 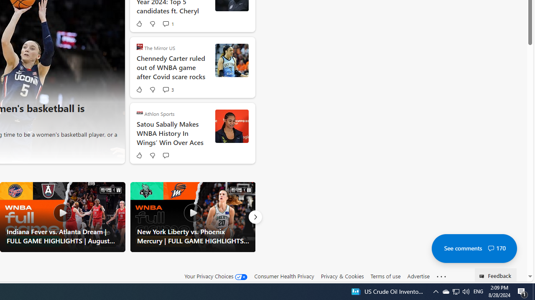 I want to click on 'Next', so click(x=255, y=216).